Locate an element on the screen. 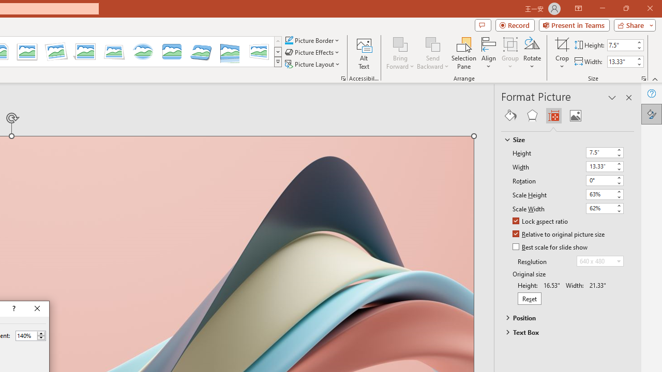 The image size is (662, 372). 'Scale Width' is located at coordinates (605, 208).